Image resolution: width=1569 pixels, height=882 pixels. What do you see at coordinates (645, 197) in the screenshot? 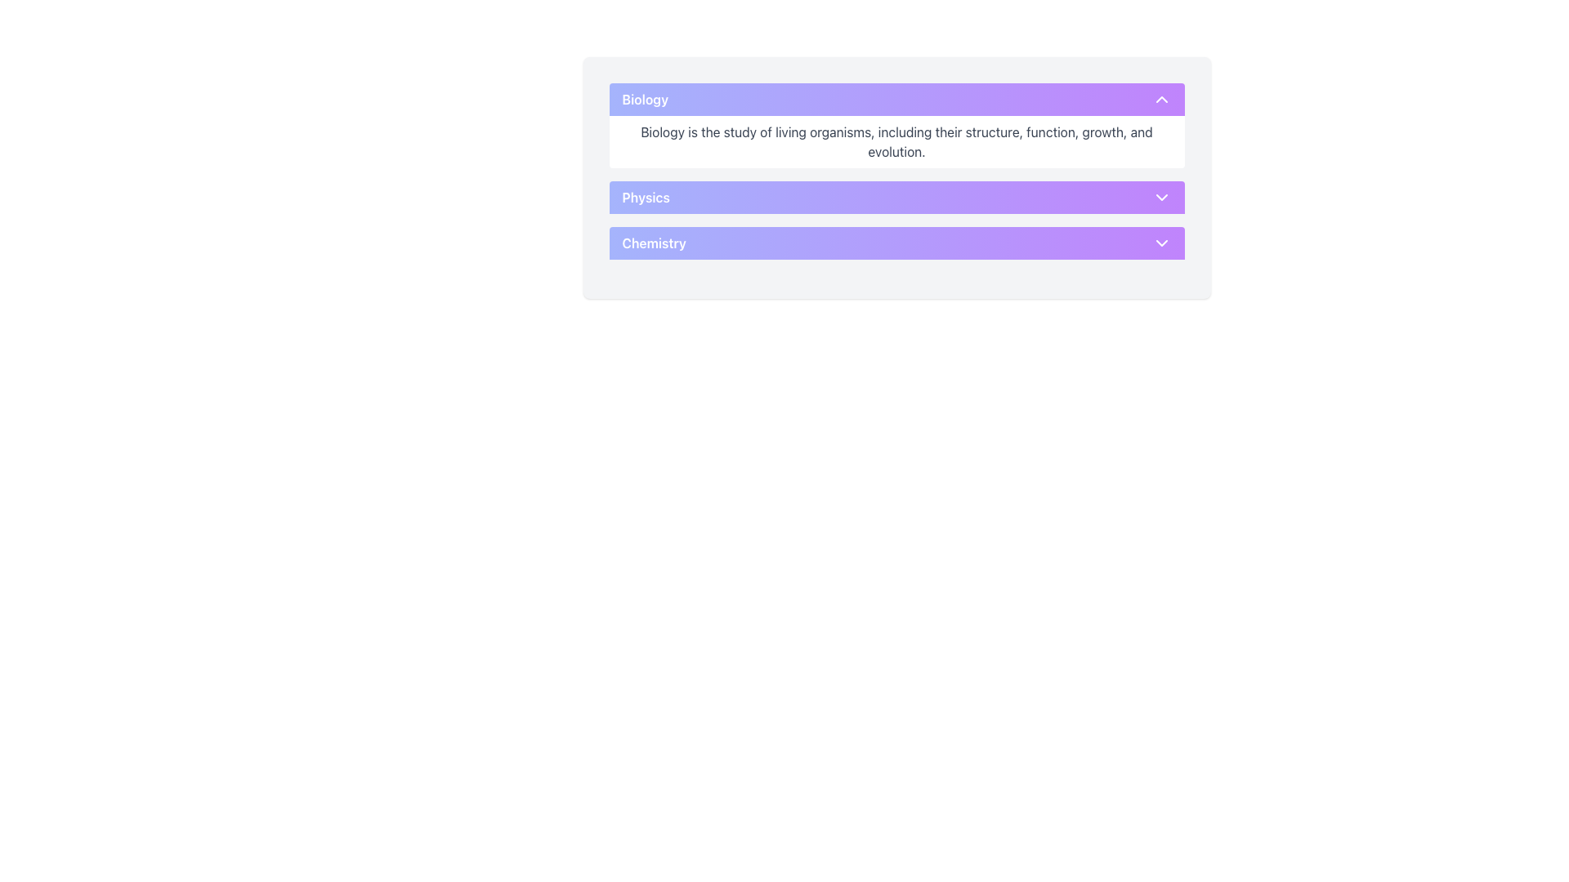
I see `text content of the descriptive label located on the left side of a horizontal bar with a gradient background transitioning from indigo to purple` at bounding box center [645, 197].